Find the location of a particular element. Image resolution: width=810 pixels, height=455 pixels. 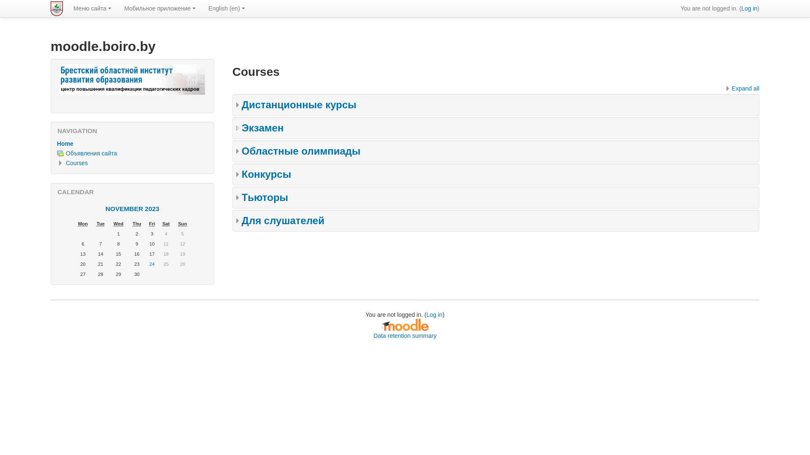

'Forum' is located at coordinates (56, 154).